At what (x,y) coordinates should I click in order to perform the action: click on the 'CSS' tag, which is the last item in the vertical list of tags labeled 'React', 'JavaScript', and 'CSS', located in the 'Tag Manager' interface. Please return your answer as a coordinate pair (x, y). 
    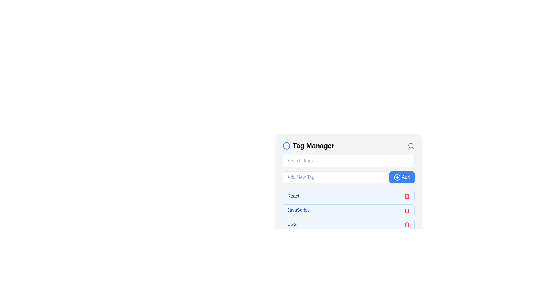
    Looking at the image, I should click on (348, 224).